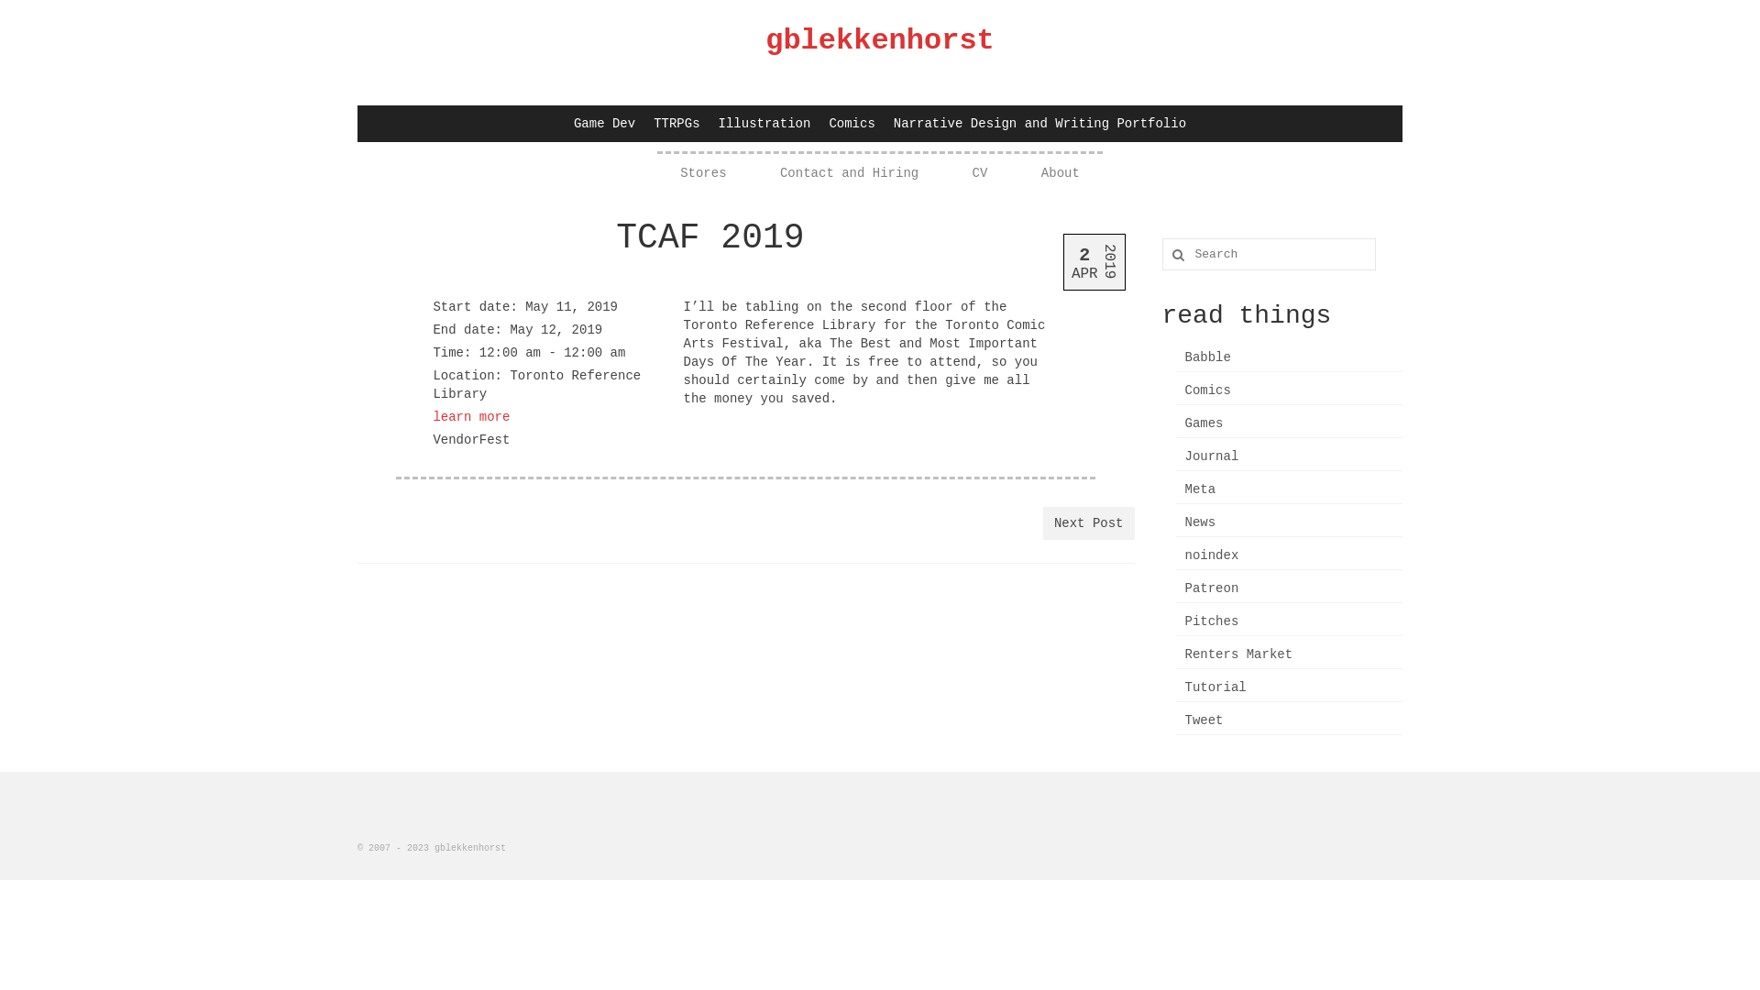  Describe the element at coordinates (1174, 489) in the screenshot. I see `'Meta'` at that location.